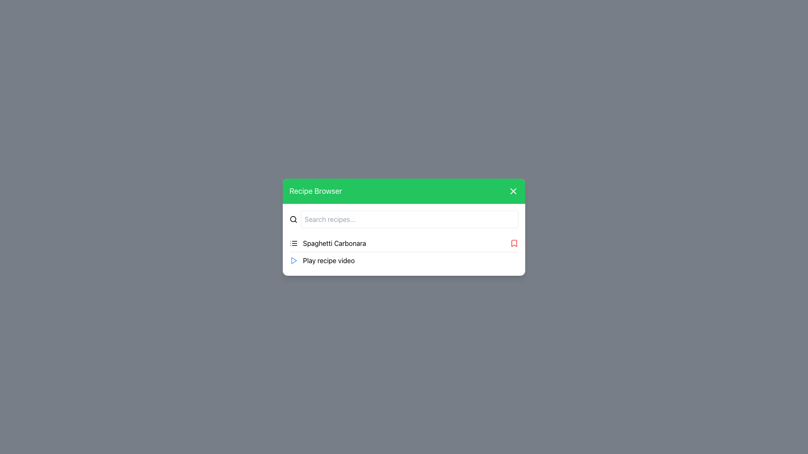  I want to click on the bookmark icon next to 'Spaghetti Carbonara', so click(514, 243).